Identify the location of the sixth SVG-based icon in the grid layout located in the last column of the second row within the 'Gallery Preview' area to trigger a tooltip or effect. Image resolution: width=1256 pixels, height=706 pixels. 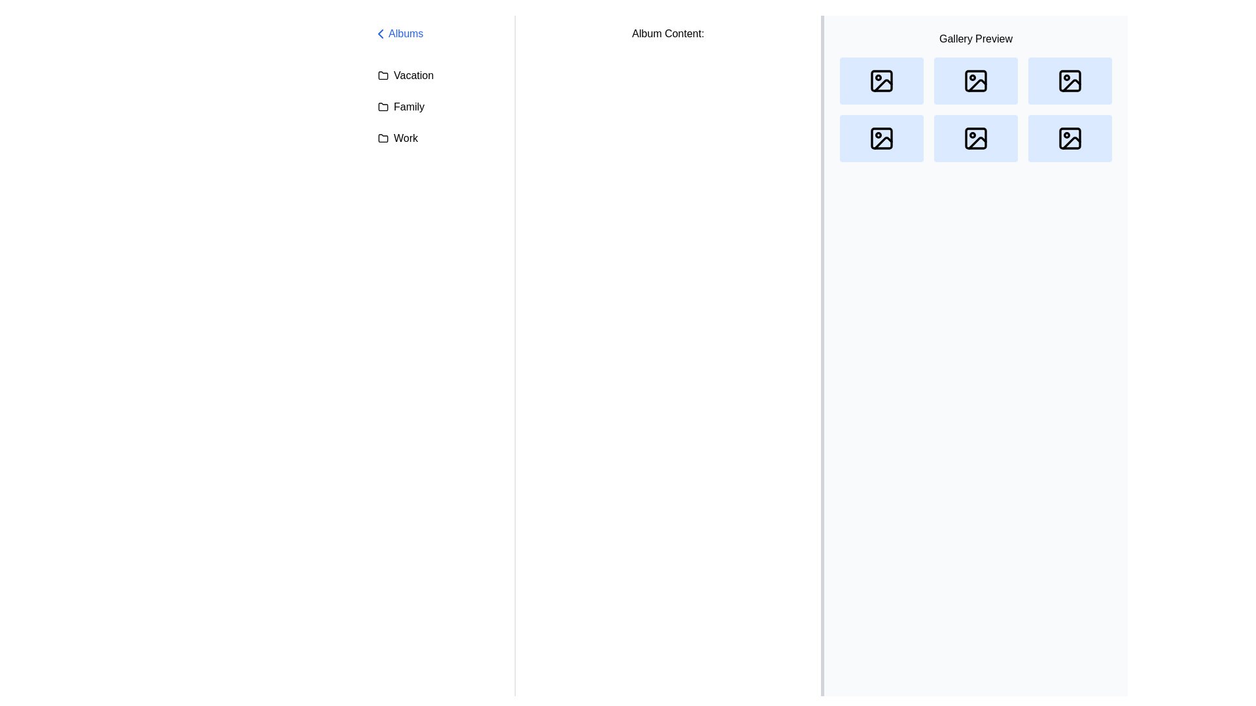
(1070, 139).